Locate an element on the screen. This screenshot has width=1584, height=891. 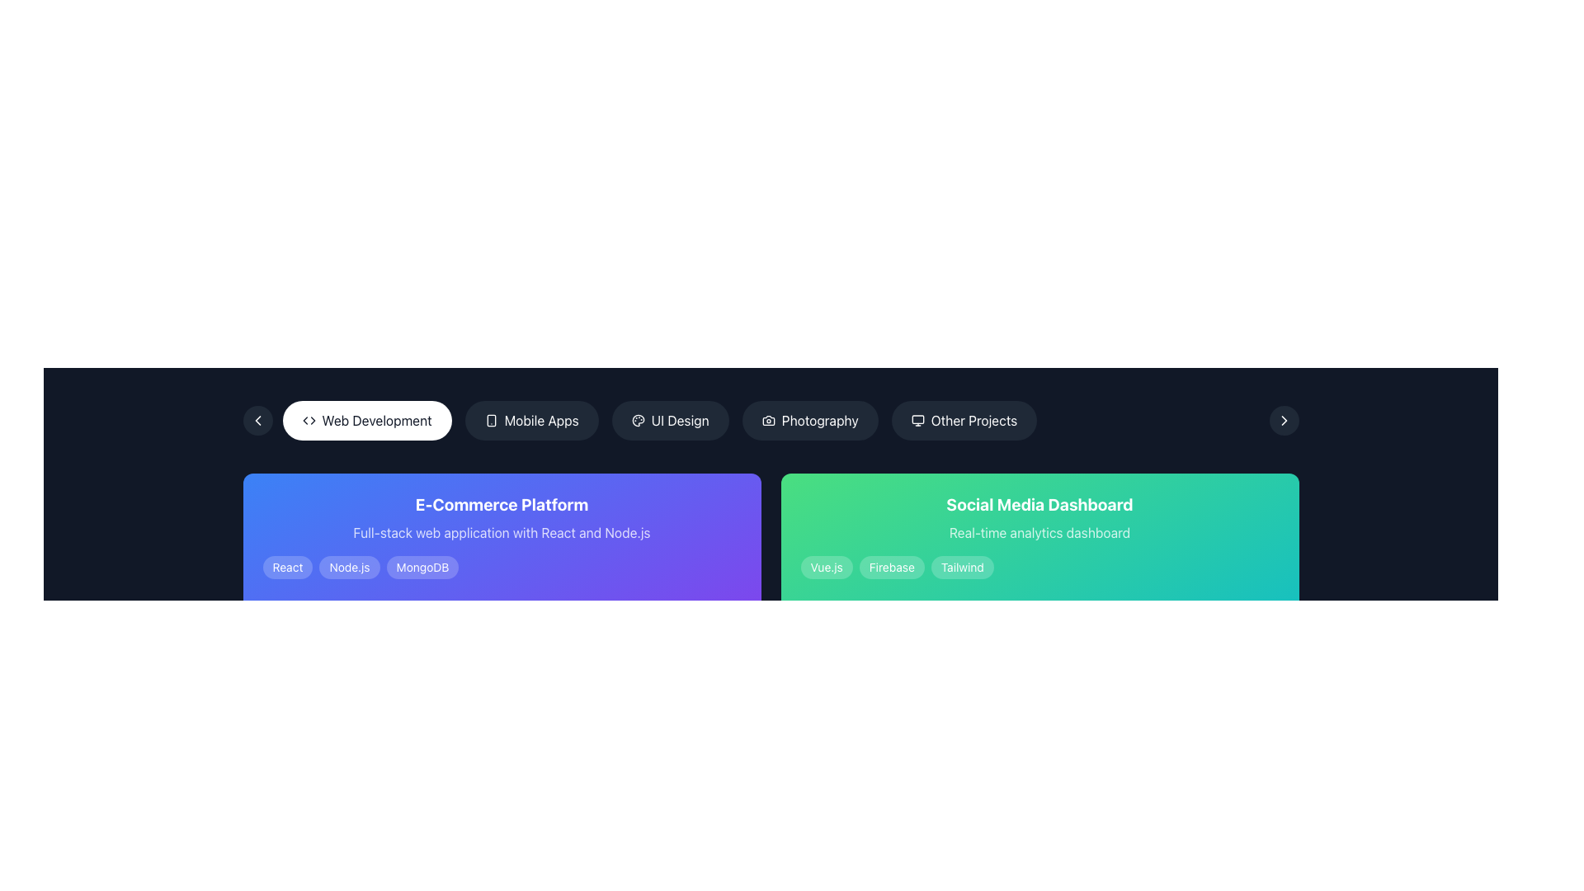
the rounded rectangular label displaying the text 'Firebase' with a semi-transparent white background, which is the second label in a sequence of three, positioned between 'Vue.js' and 'Tailwind' is located at coordinates (891, 566).